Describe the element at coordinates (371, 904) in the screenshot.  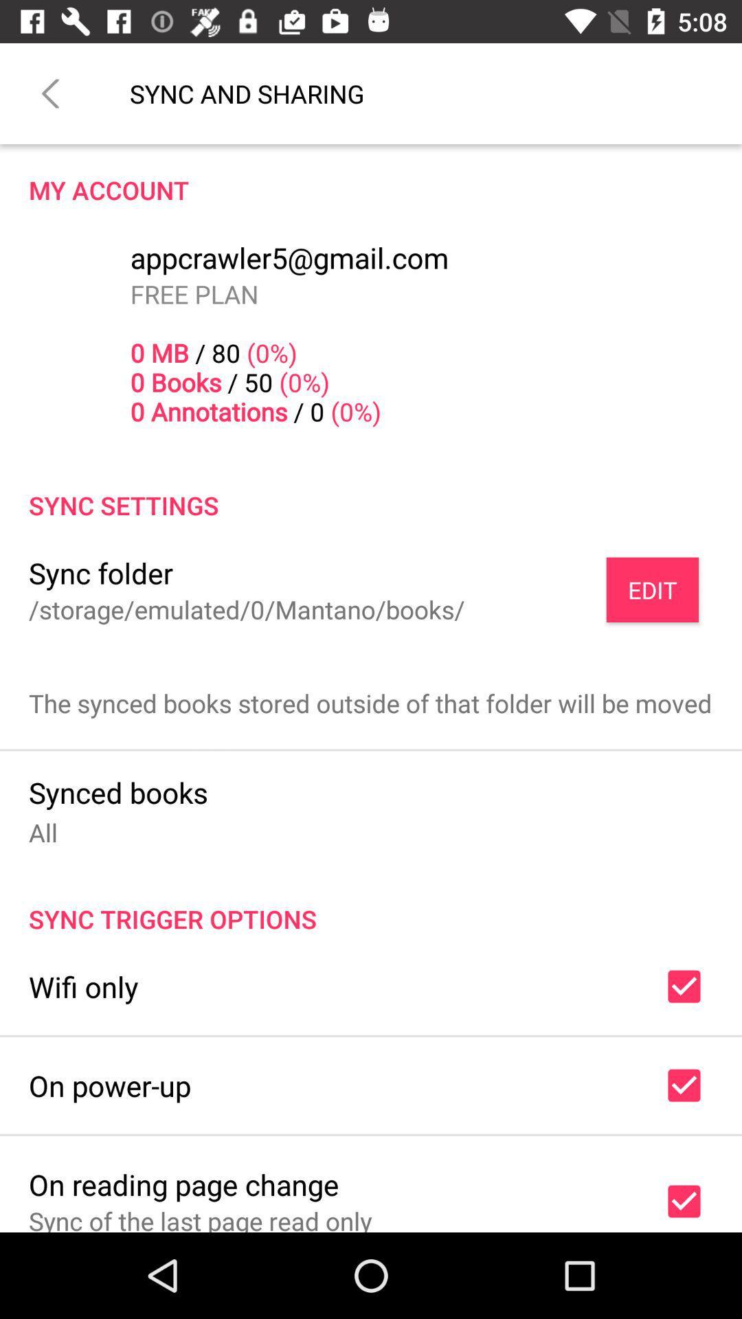
I see `item below all item` at that location.